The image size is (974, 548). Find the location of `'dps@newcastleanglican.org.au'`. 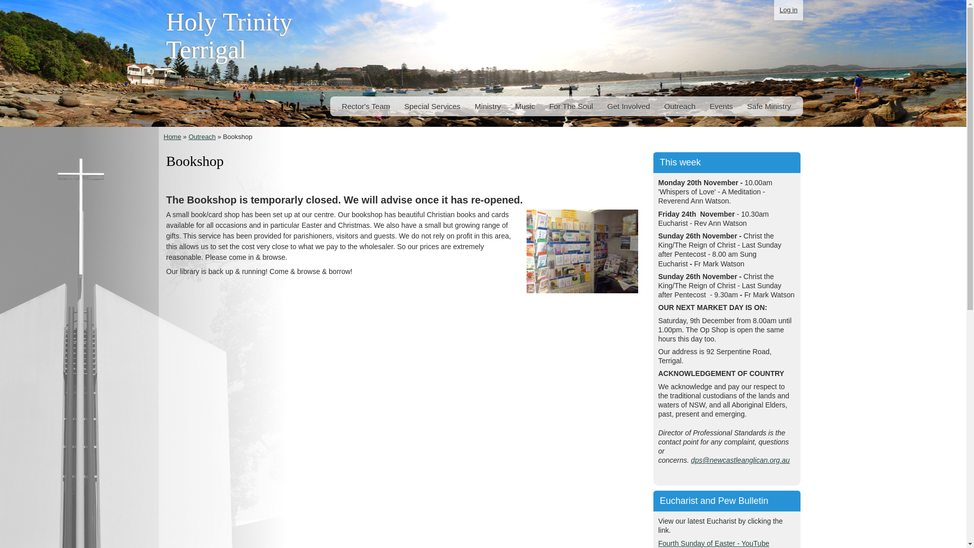

'dps@newcastleanglican.org.au' is located at coordinates (740, 460).